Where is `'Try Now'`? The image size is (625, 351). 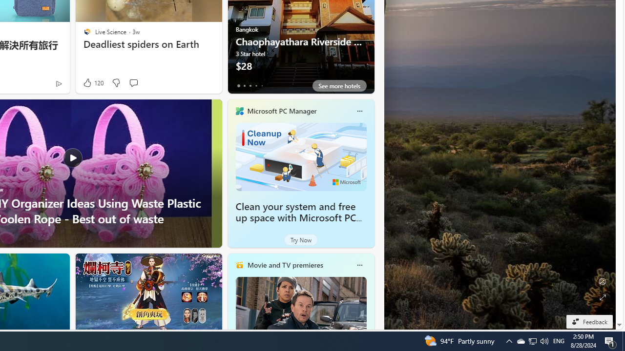
'Try Now' is located at coordinates (300, 240).